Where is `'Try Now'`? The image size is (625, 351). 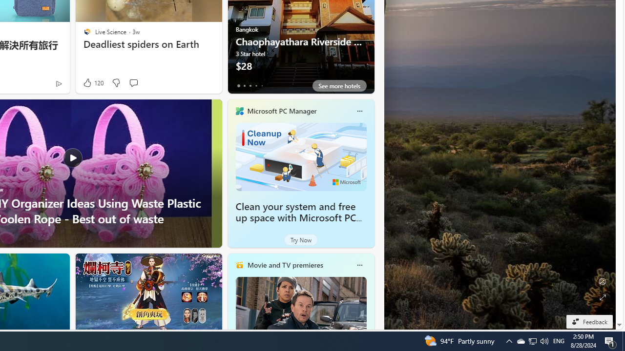
'Try Now' is located at coordinates (300, 240).